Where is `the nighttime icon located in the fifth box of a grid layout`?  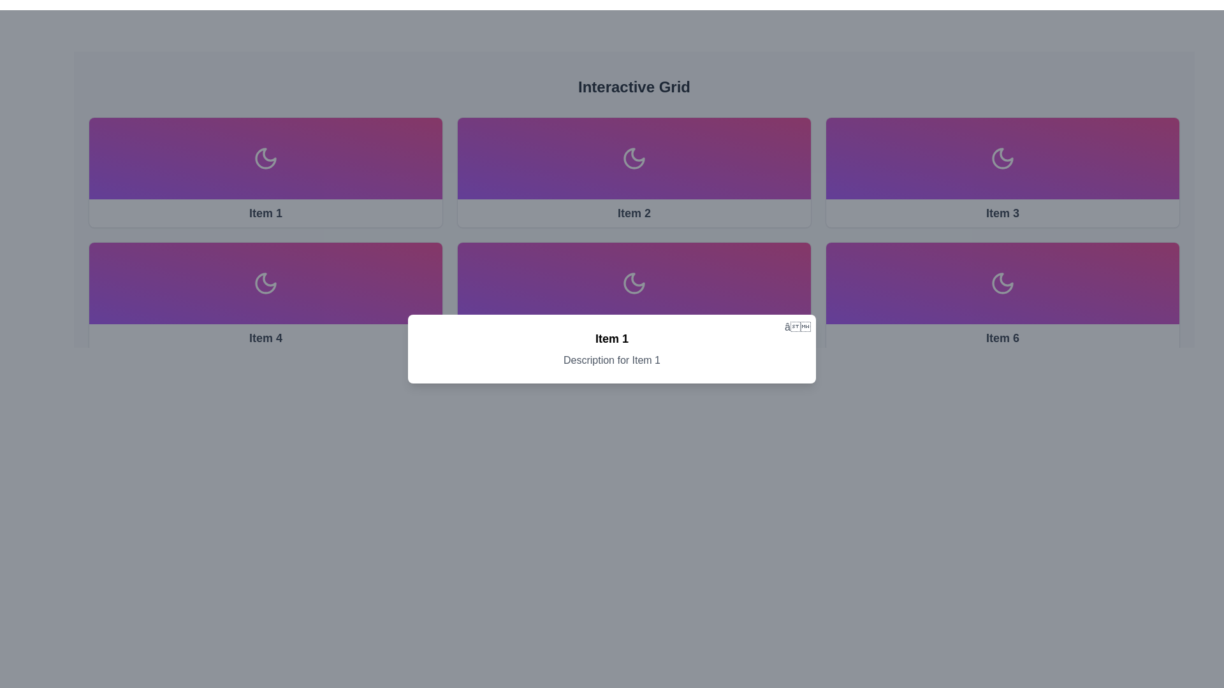
the nighttime icon located in the fifth box of a grid layout is located at coordinates (634, 282).